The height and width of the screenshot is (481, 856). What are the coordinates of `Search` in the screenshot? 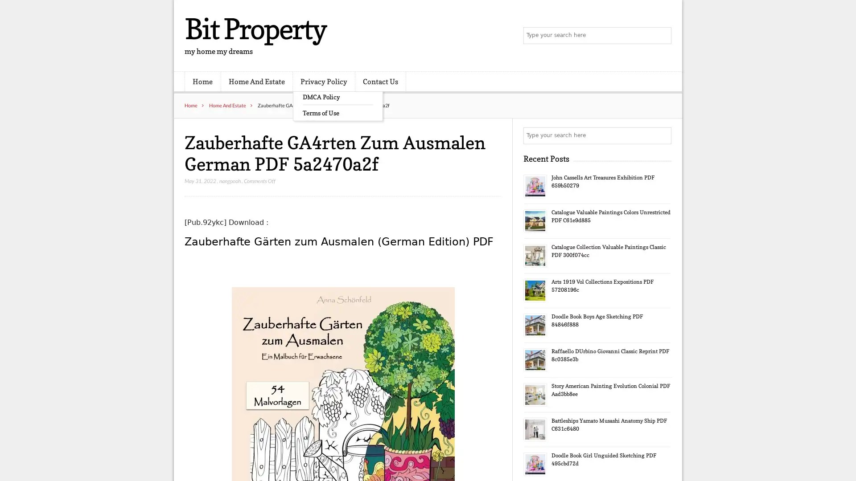 It's located at (662, 36).